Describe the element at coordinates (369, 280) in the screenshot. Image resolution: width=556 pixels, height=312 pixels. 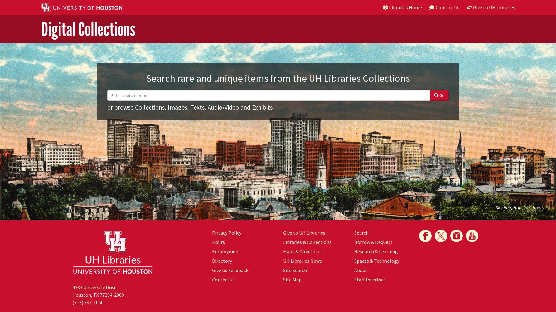
I see `'Staff Interface'` at that location.